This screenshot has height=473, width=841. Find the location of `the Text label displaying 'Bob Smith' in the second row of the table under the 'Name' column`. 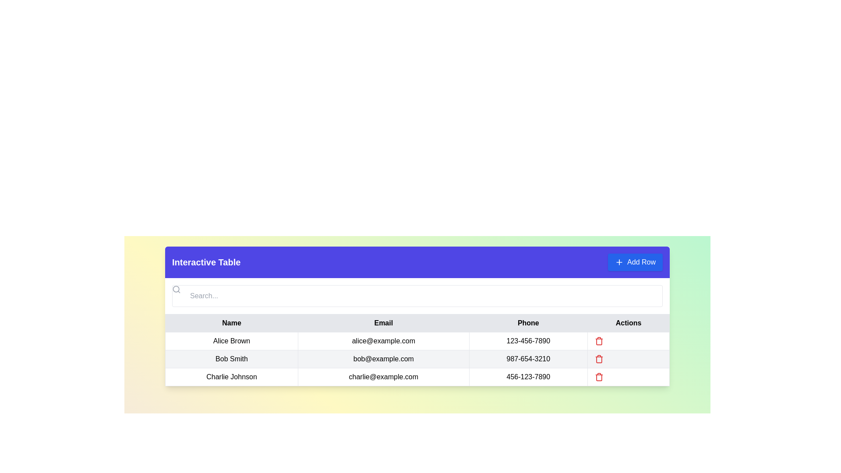

the Text label displaying 'Bob Smith' in the second row of the table under the 'Name' column is located at coordinates (231, 359).